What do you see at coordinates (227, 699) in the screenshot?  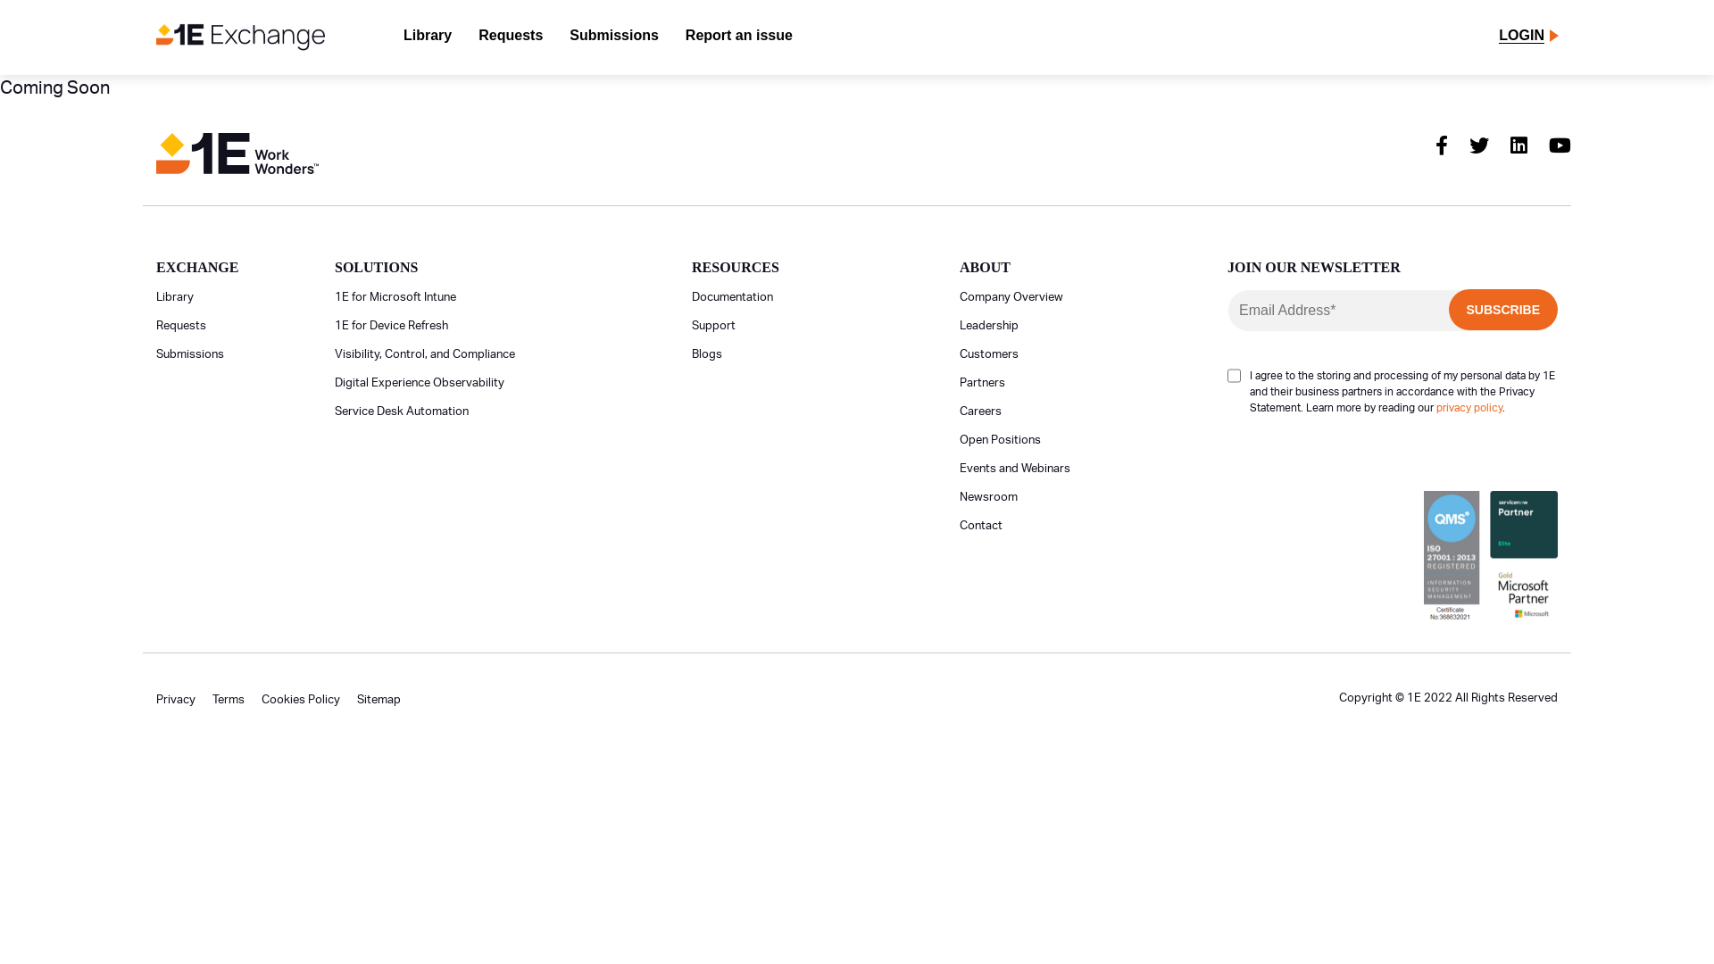 I see `'Terms'` at bounding box center [227, 699].